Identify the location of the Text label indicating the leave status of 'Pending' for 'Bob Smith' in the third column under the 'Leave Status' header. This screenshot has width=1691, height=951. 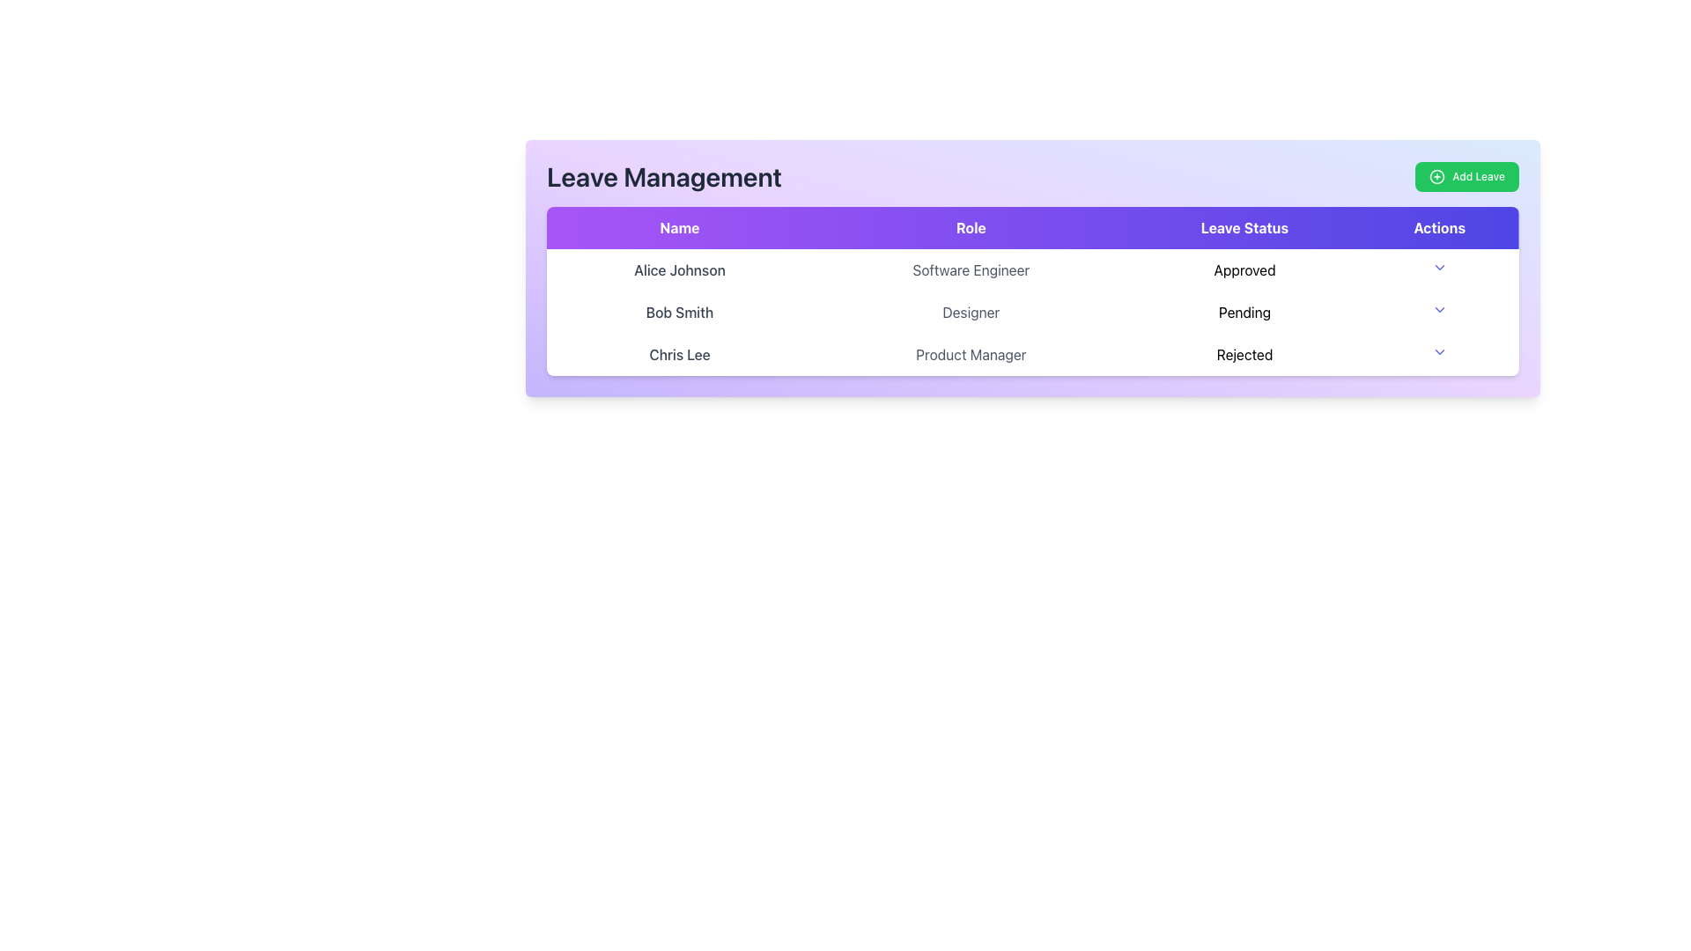
(1244, 311).